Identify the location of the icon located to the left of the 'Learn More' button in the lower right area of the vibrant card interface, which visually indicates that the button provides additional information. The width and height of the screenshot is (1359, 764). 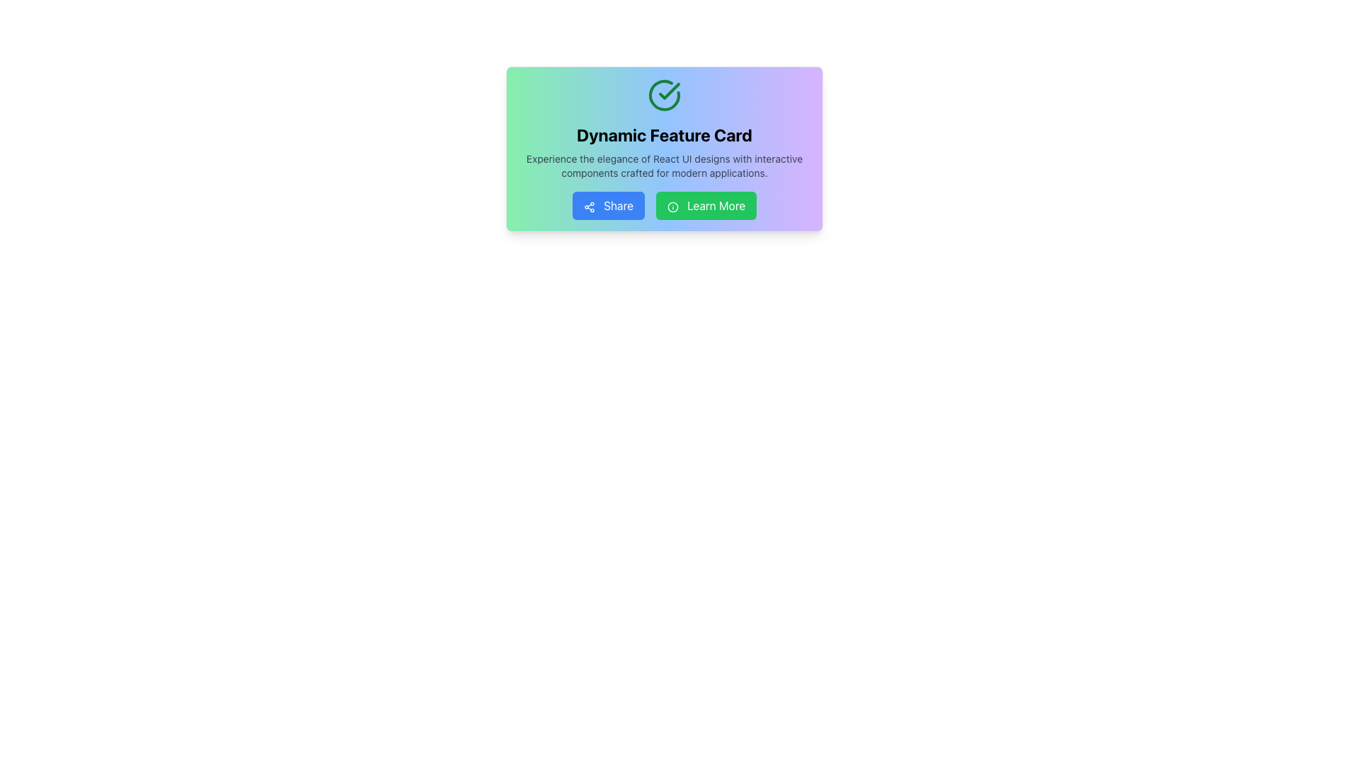
(672, 207).